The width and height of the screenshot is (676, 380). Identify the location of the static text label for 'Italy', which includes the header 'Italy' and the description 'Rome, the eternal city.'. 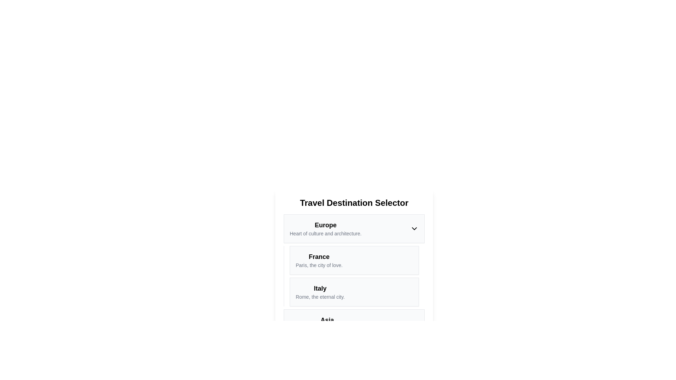
(320, 292).